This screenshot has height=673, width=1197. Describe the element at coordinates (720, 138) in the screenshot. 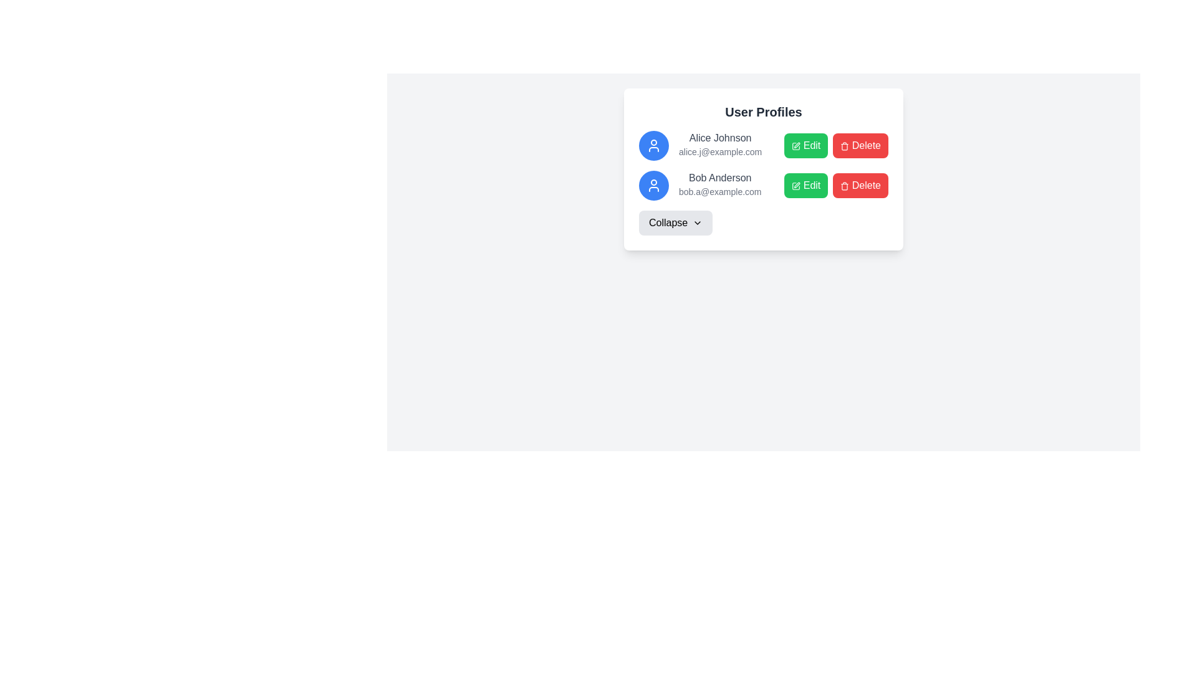

I see `the text element displaying 'Alice Johnson', which is styled in gray and located above the email address 'alice.j@example.com', to associate it with related information` at that location.